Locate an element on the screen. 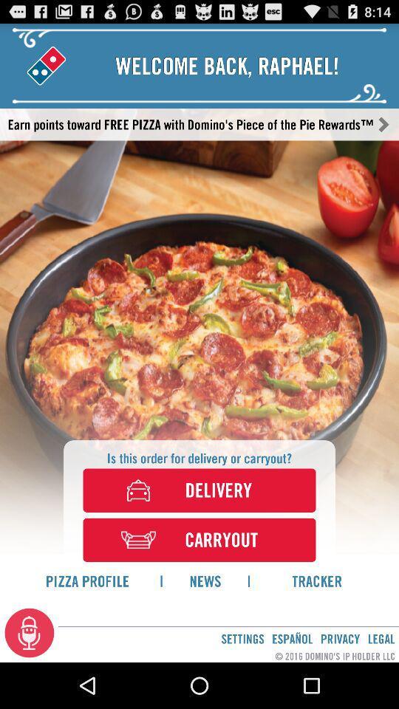  app next to | app is located at coordinates (316, 580).